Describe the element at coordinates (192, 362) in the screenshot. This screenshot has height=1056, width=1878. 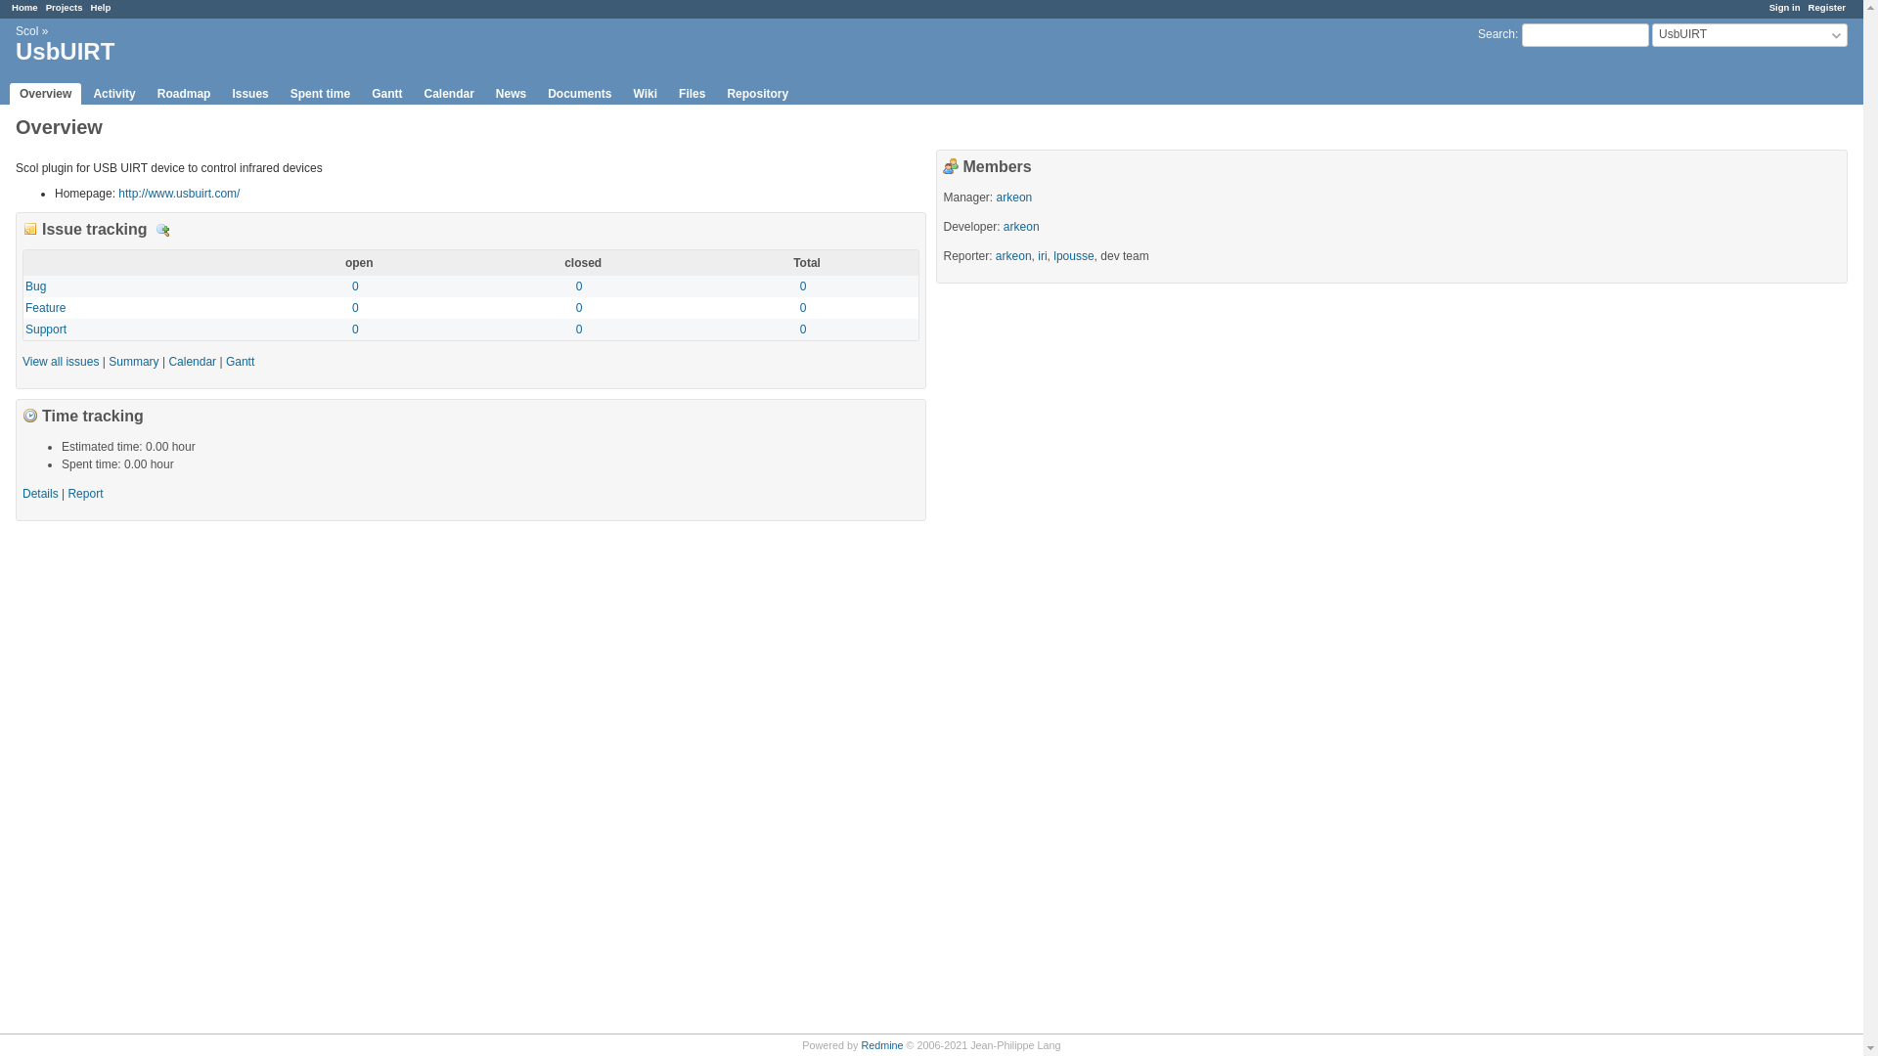
I see `'Calendar'` at that location.